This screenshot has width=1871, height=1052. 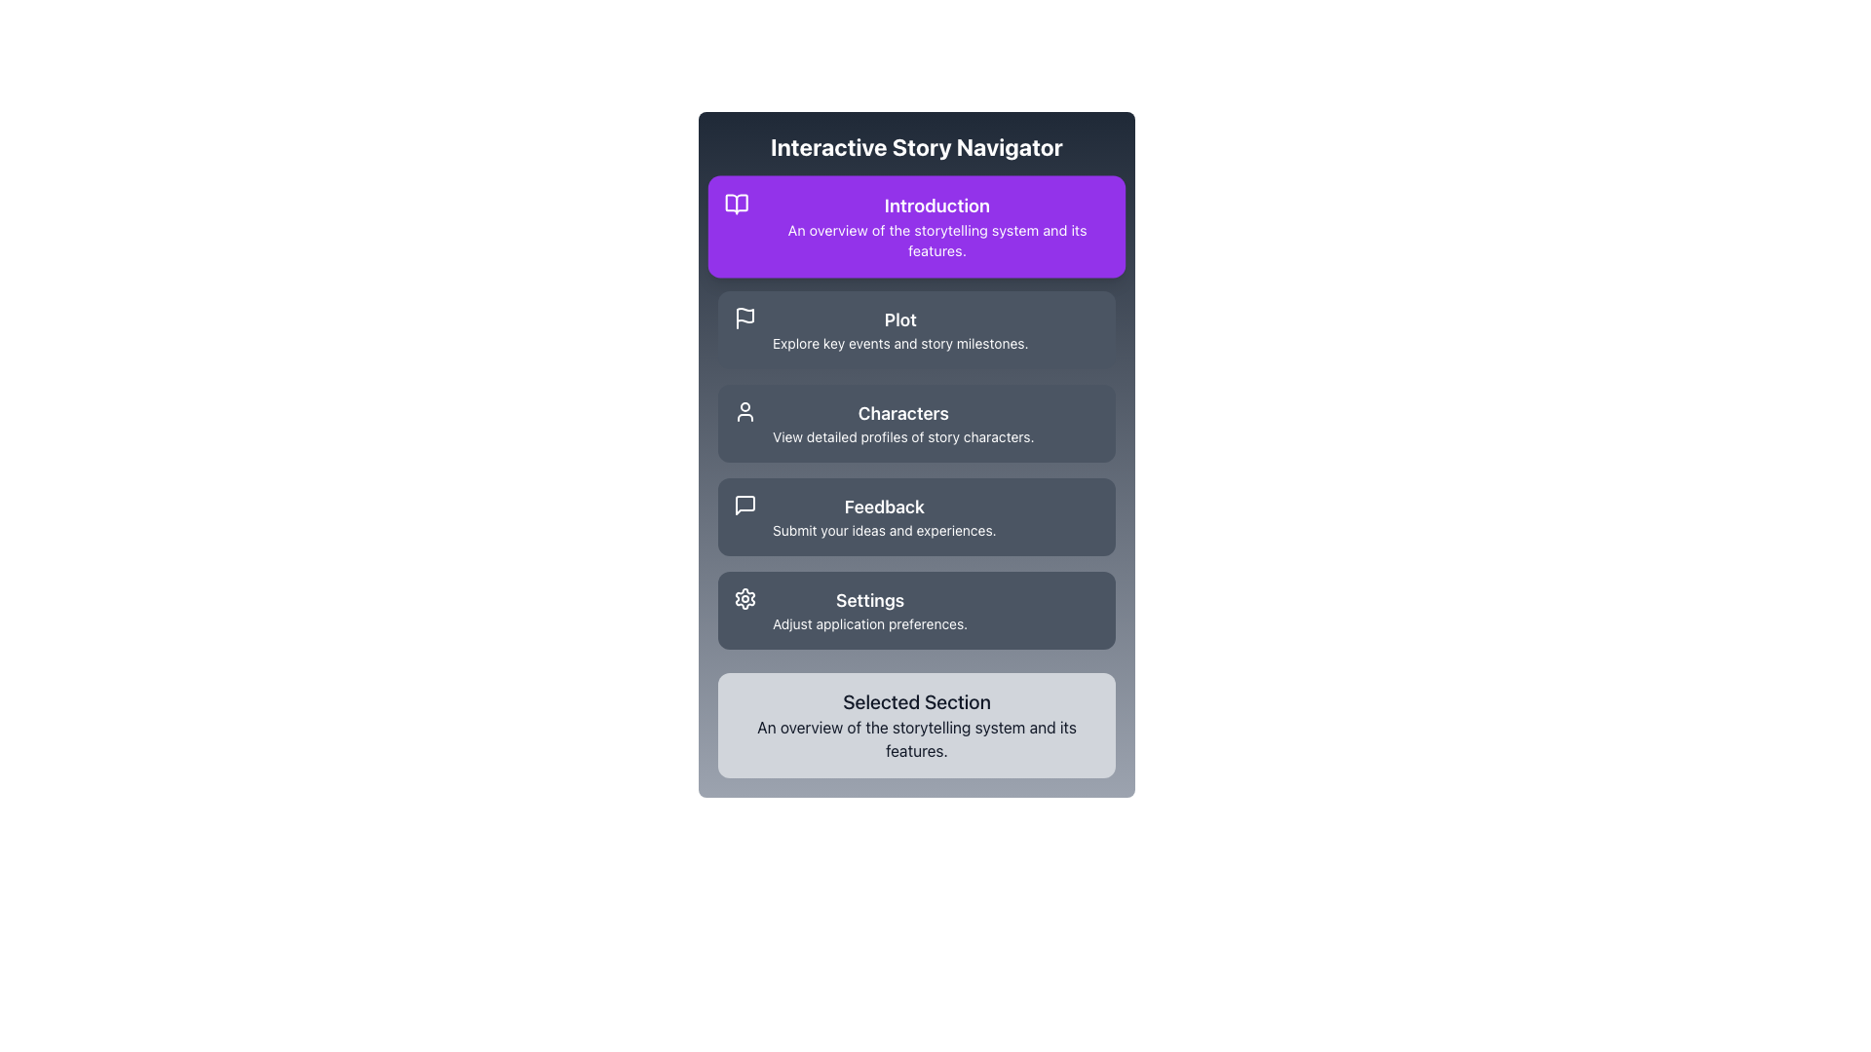 What do you see at coordinates (915, 610) in the screenshot?
I see `the settings button` at bounding box center [915, 610].